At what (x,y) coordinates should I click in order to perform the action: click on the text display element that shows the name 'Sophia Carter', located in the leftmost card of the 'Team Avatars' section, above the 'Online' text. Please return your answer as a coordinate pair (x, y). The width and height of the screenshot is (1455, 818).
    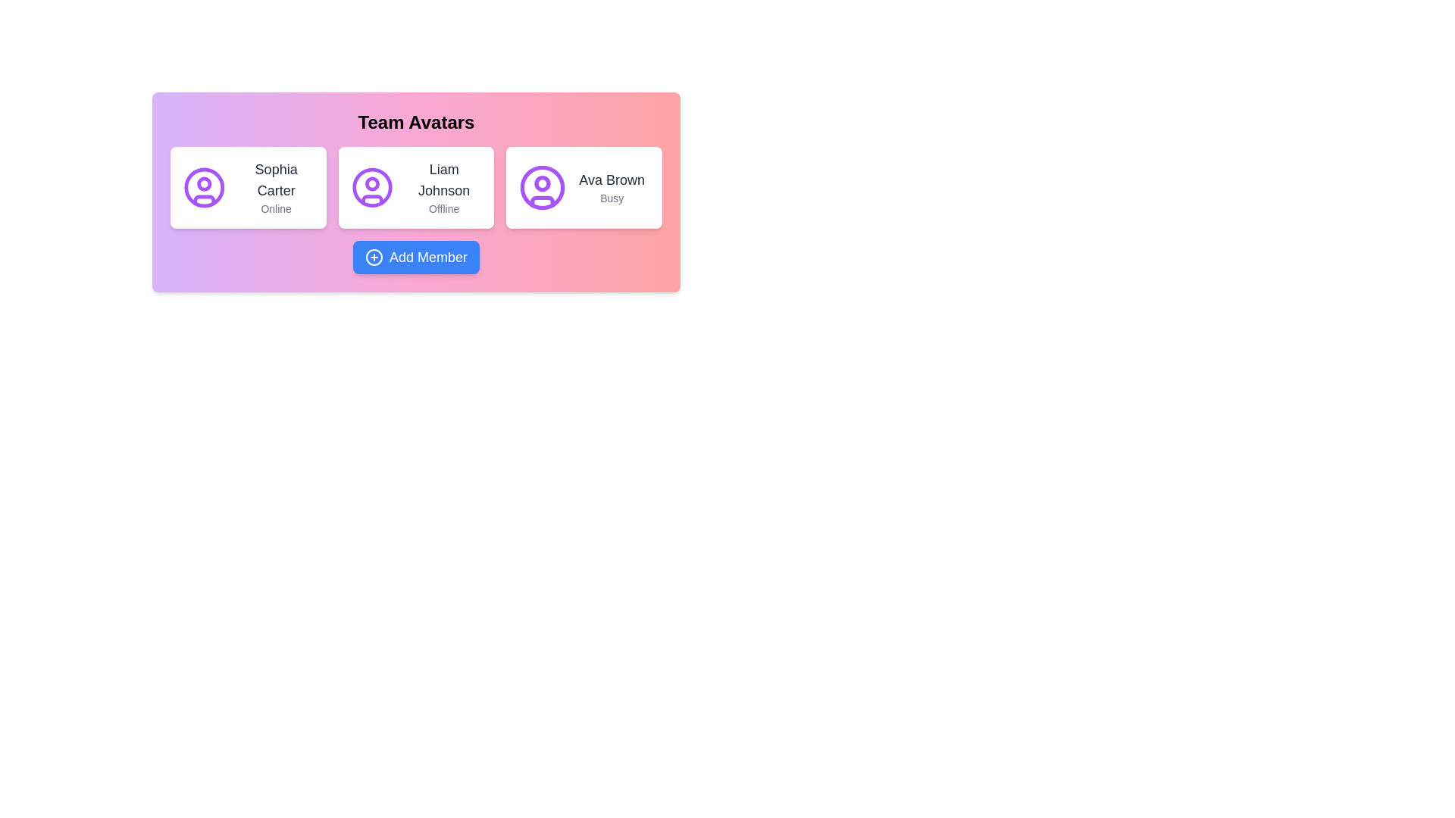
    Looking at the image, I should click on (276, 180).